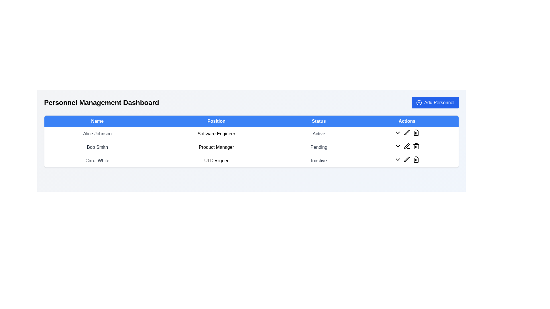 Image resolution: width=550 pixels, height=309 pixels. I want to click on the Icon Button, so click(397, 160).